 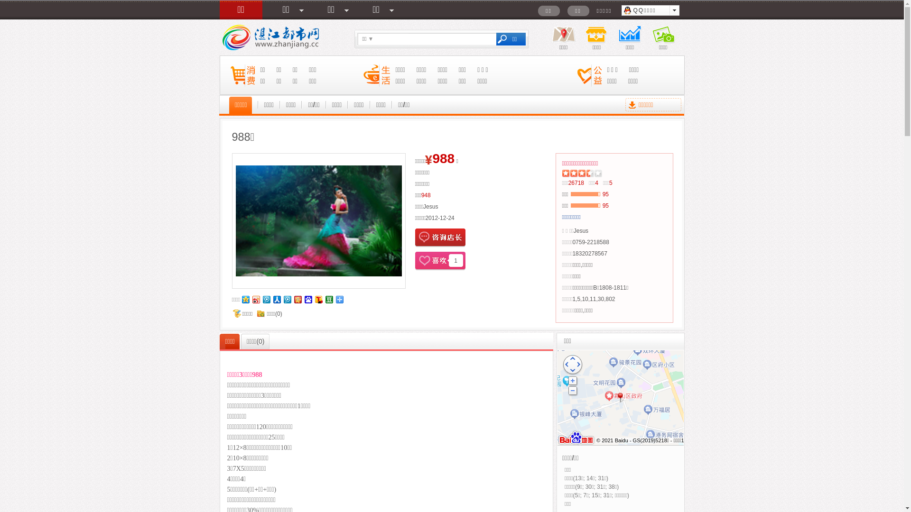 I want to click on 'Jesus', so click(x=580, y=230).